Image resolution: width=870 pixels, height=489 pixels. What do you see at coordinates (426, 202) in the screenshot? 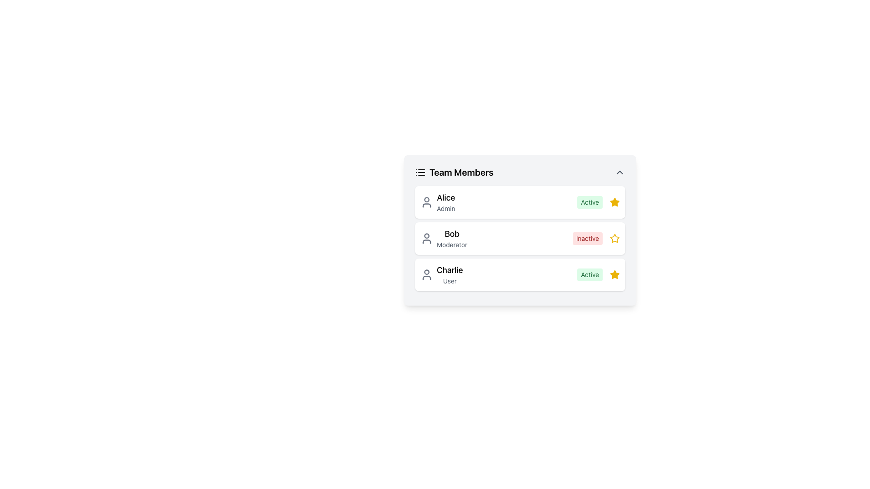
I see `the circular user profile silhouette icon styled in gray, which is positioned to the far left of the text 'Alice Admin'` at bounding box center [426, 202].